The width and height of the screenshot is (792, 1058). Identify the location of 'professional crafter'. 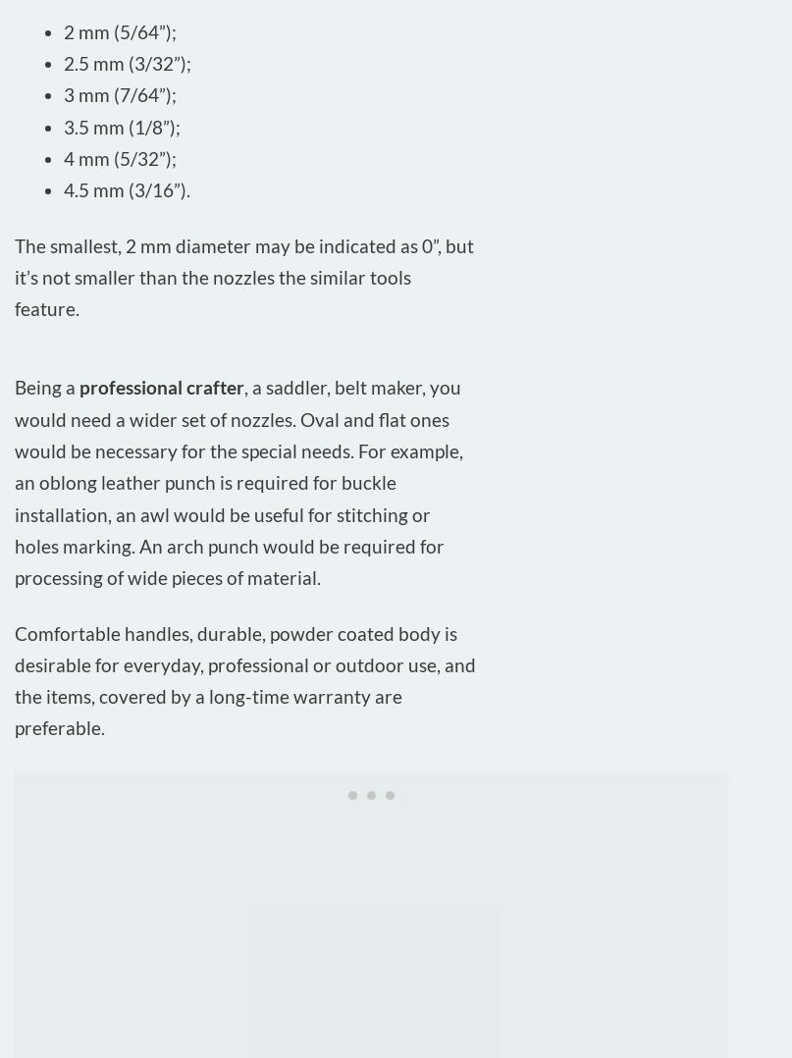
(79, 386).